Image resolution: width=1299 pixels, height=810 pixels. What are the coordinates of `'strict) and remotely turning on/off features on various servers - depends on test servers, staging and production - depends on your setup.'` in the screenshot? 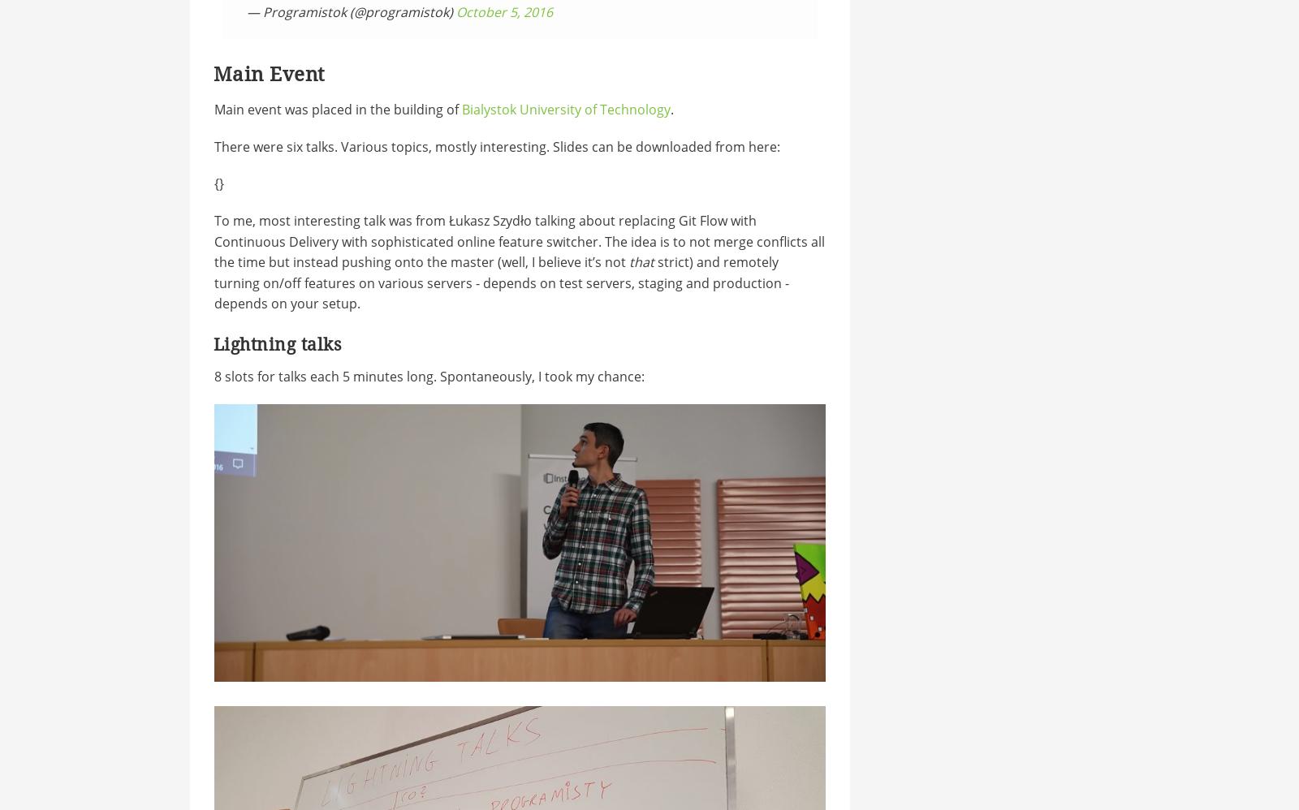 It's located at (500, 282).